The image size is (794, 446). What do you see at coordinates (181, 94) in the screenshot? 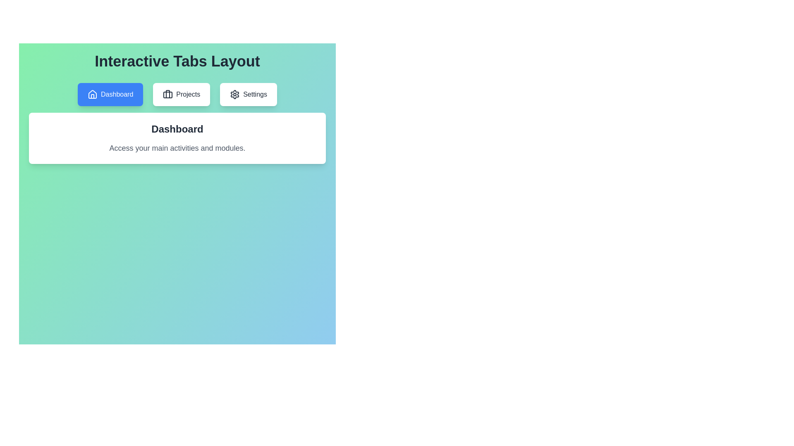
I see `the tab labeled Projects to observe its hover effect` at bounding box center [181, 94].